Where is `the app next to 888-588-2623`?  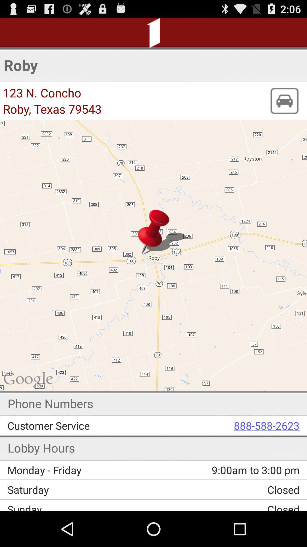 the app next to 888-588-2623 is located at coordinates (84, 425).